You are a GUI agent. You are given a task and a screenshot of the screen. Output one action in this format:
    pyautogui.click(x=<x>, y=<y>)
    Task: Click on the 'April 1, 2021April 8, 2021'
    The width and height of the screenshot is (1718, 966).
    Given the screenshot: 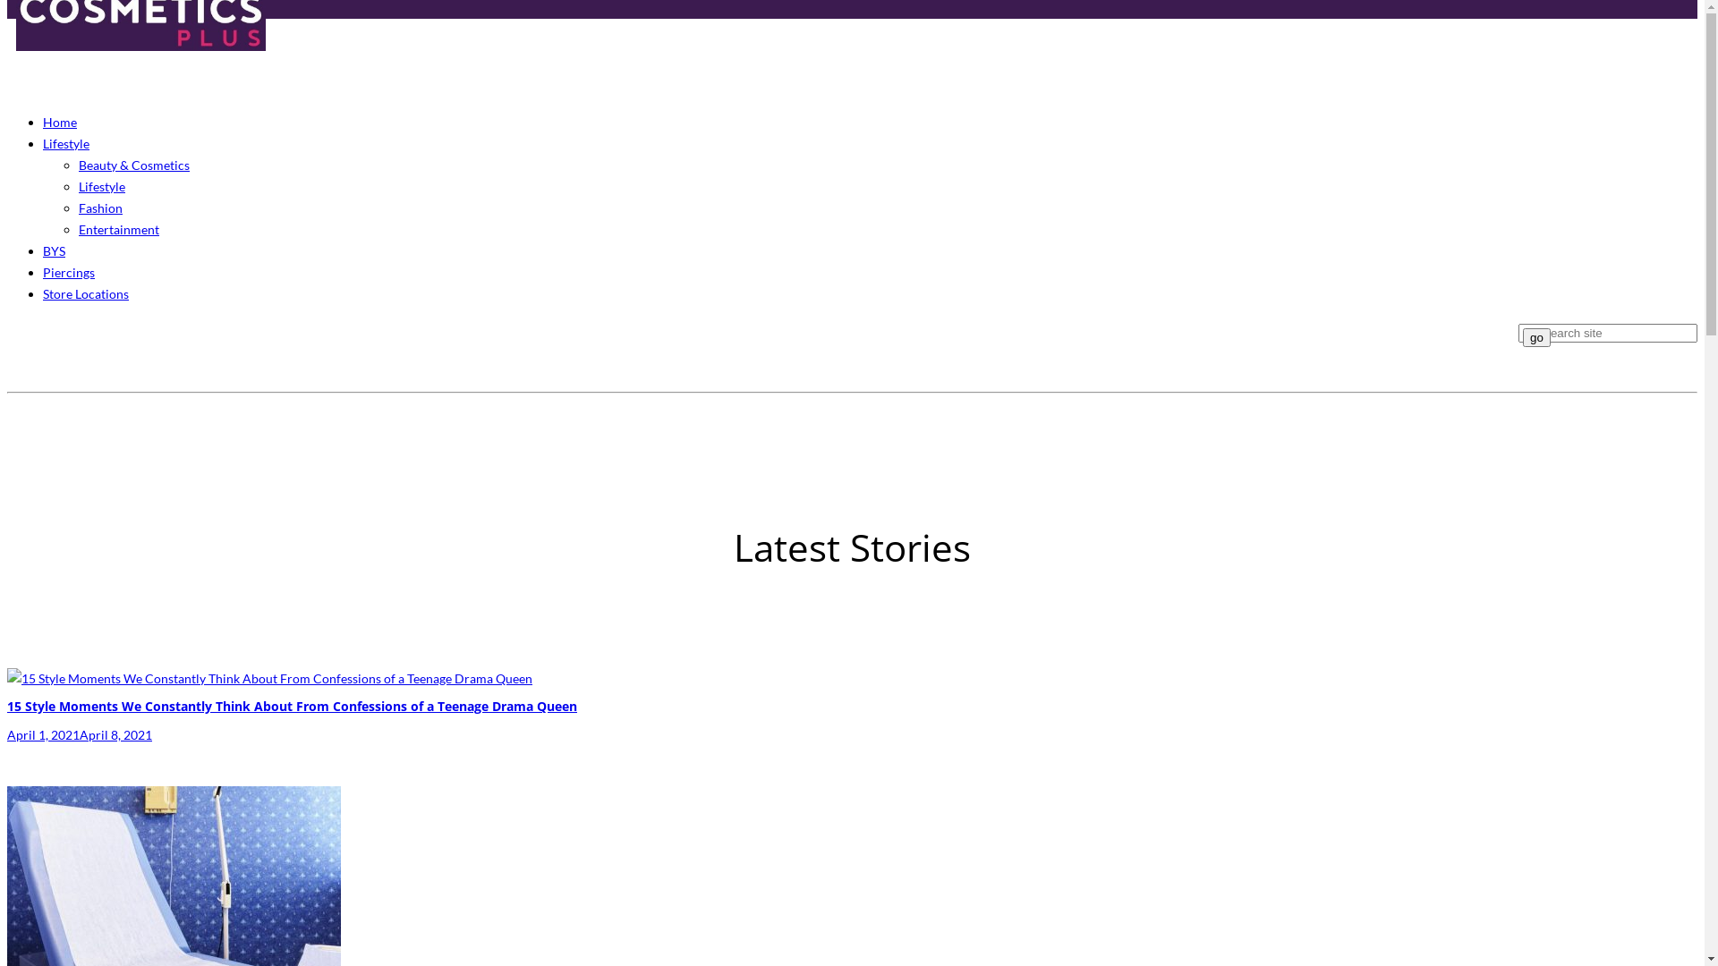 What is the action you would take?
    pyautogui.click(x=79, y=734)
    